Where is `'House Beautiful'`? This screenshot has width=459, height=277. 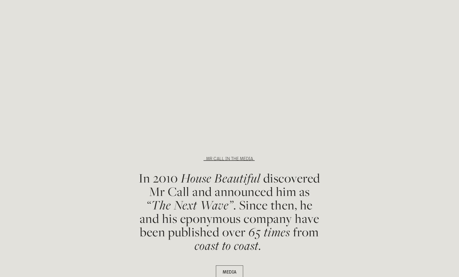 'House Beautiful' is located at coordinates (220, 178).